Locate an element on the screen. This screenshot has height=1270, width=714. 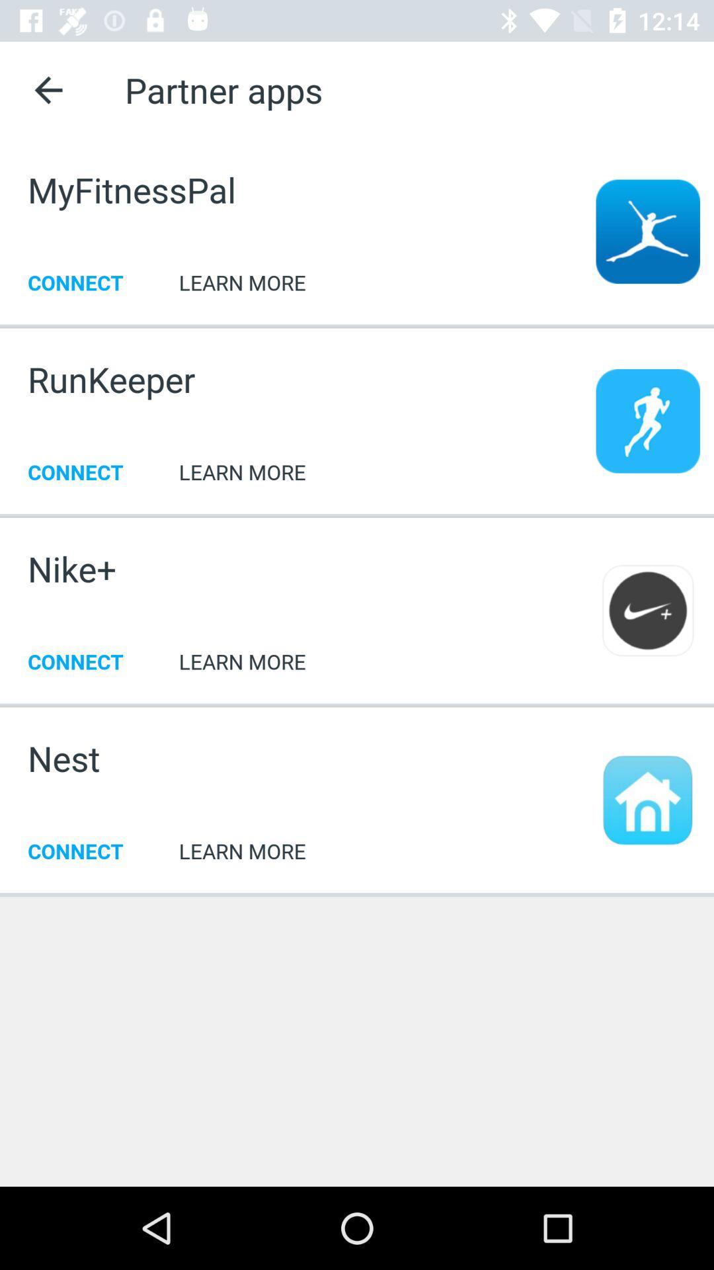
the runkeeper is located at coordinates (110, 378).